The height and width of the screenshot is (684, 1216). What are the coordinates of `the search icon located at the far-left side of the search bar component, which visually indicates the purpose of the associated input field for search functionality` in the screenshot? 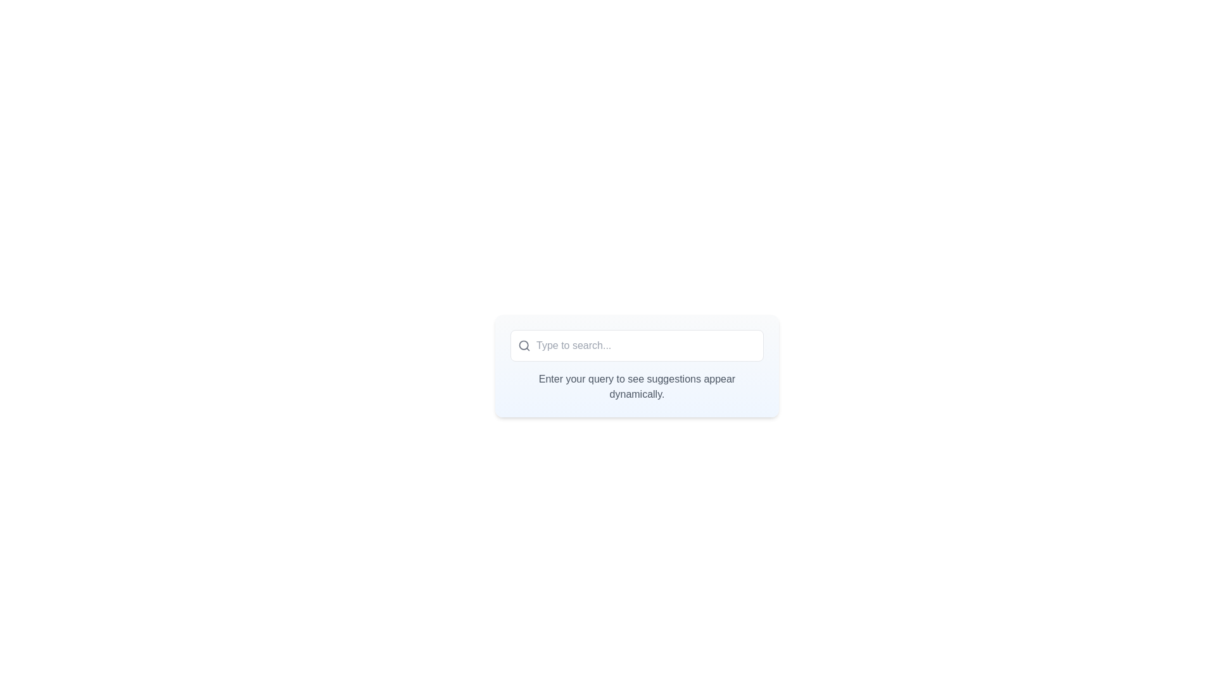 It's located at (520, 346).